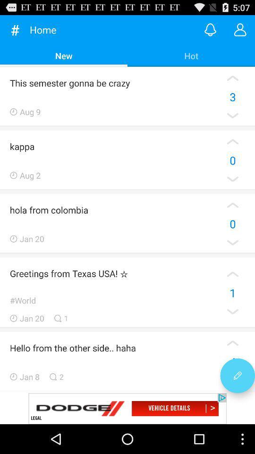  I want to click on the edit icon, so click(237, 402).